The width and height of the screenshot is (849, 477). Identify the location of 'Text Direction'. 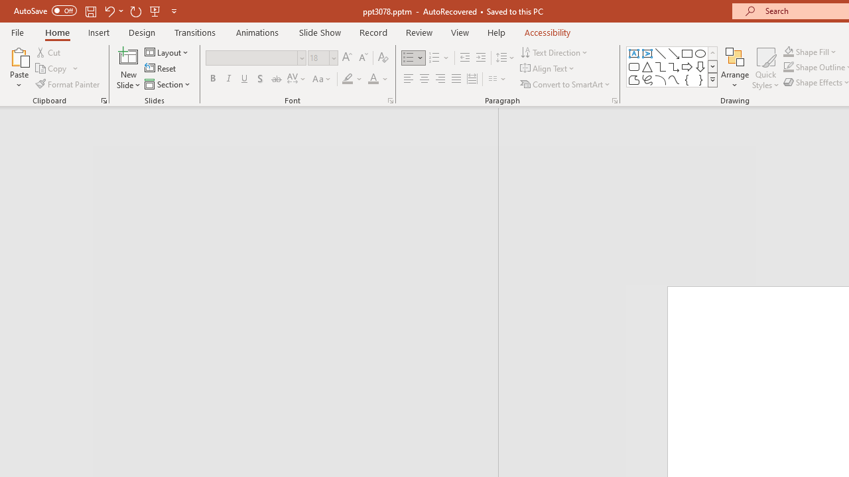
(555, 52).